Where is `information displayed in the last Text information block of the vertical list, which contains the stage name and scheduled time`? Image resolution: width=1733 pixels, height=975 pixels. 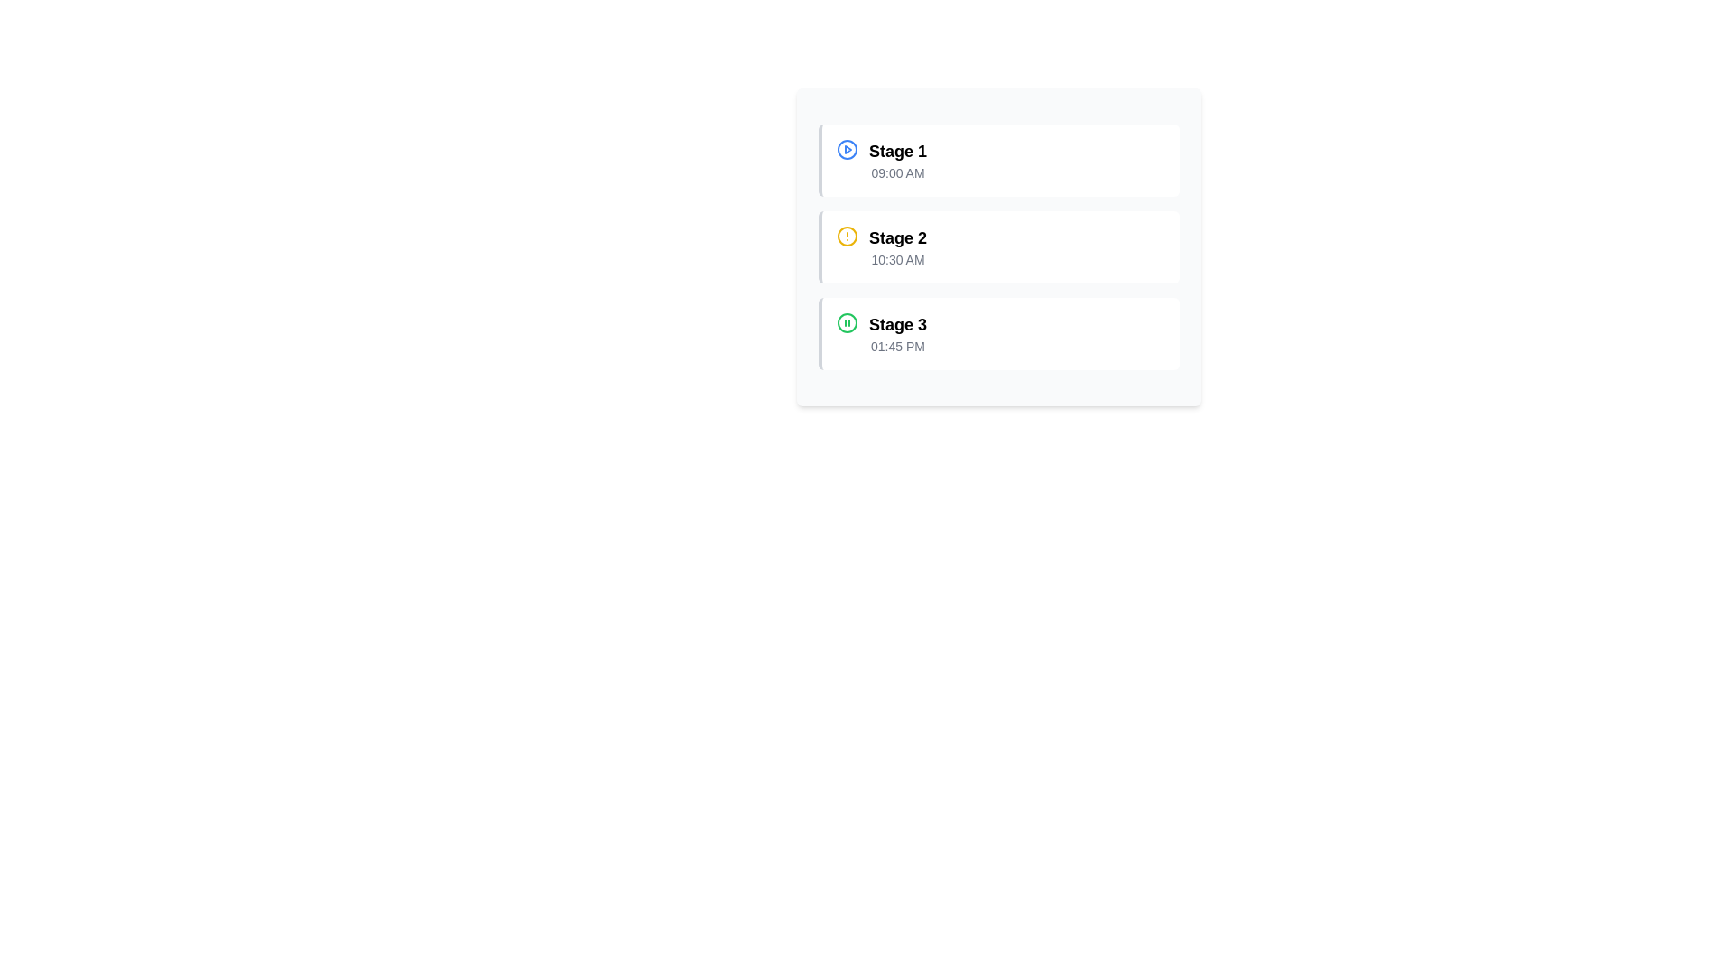
information displayed in the last Text information block of the vertical list, which contains the stage name and scheduled time is located at coordinates (897, 334).